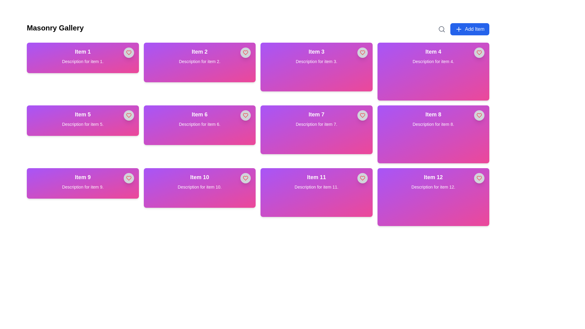  I want to click on the circular button with an icon in the top-right corner of the card titled 'Item 4', so click(479, 52).